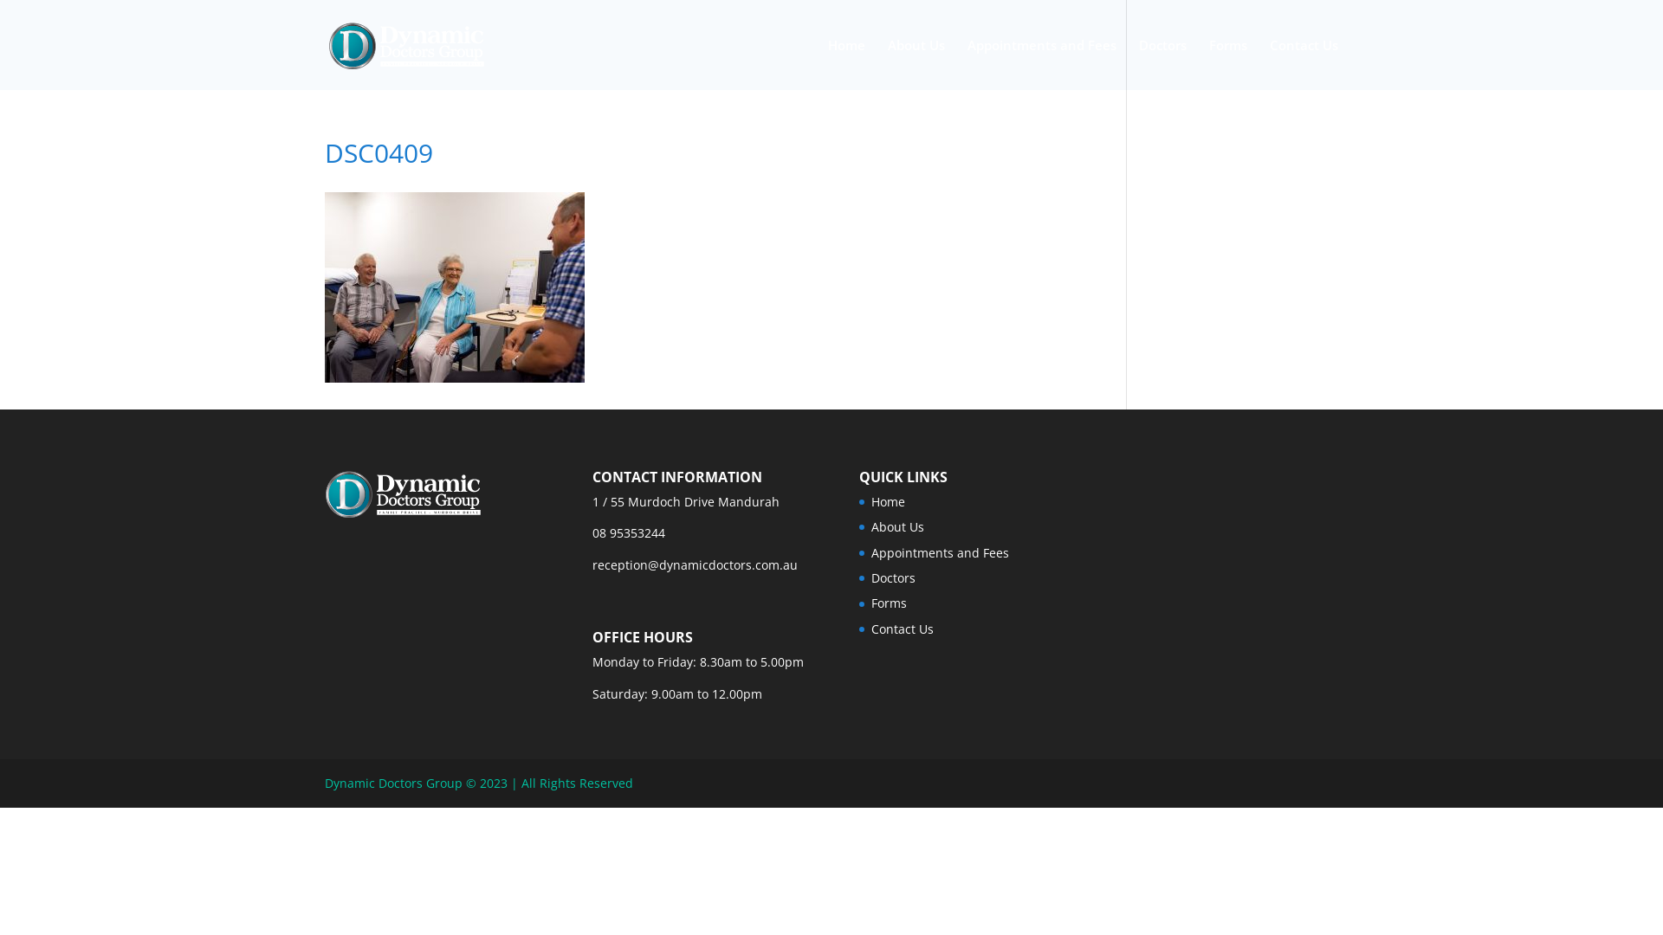 The height and width of the screenshot is (935, 1663). I want to click on 'About Us', so click(897, 526).